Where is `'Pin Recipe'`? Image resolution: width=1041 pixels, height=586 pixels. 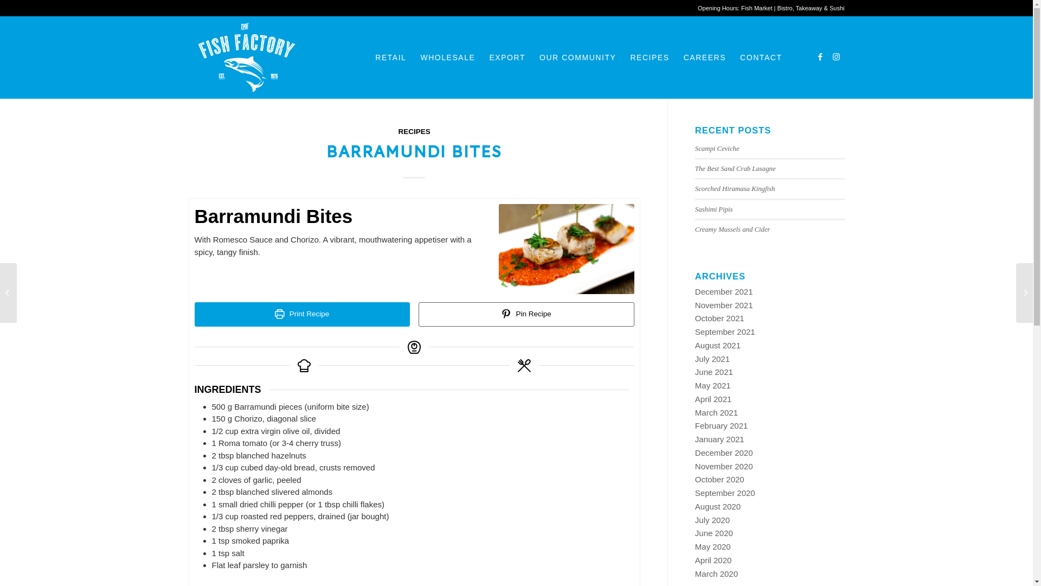
'Pin Recipe' is located at coordinates (526, 314).